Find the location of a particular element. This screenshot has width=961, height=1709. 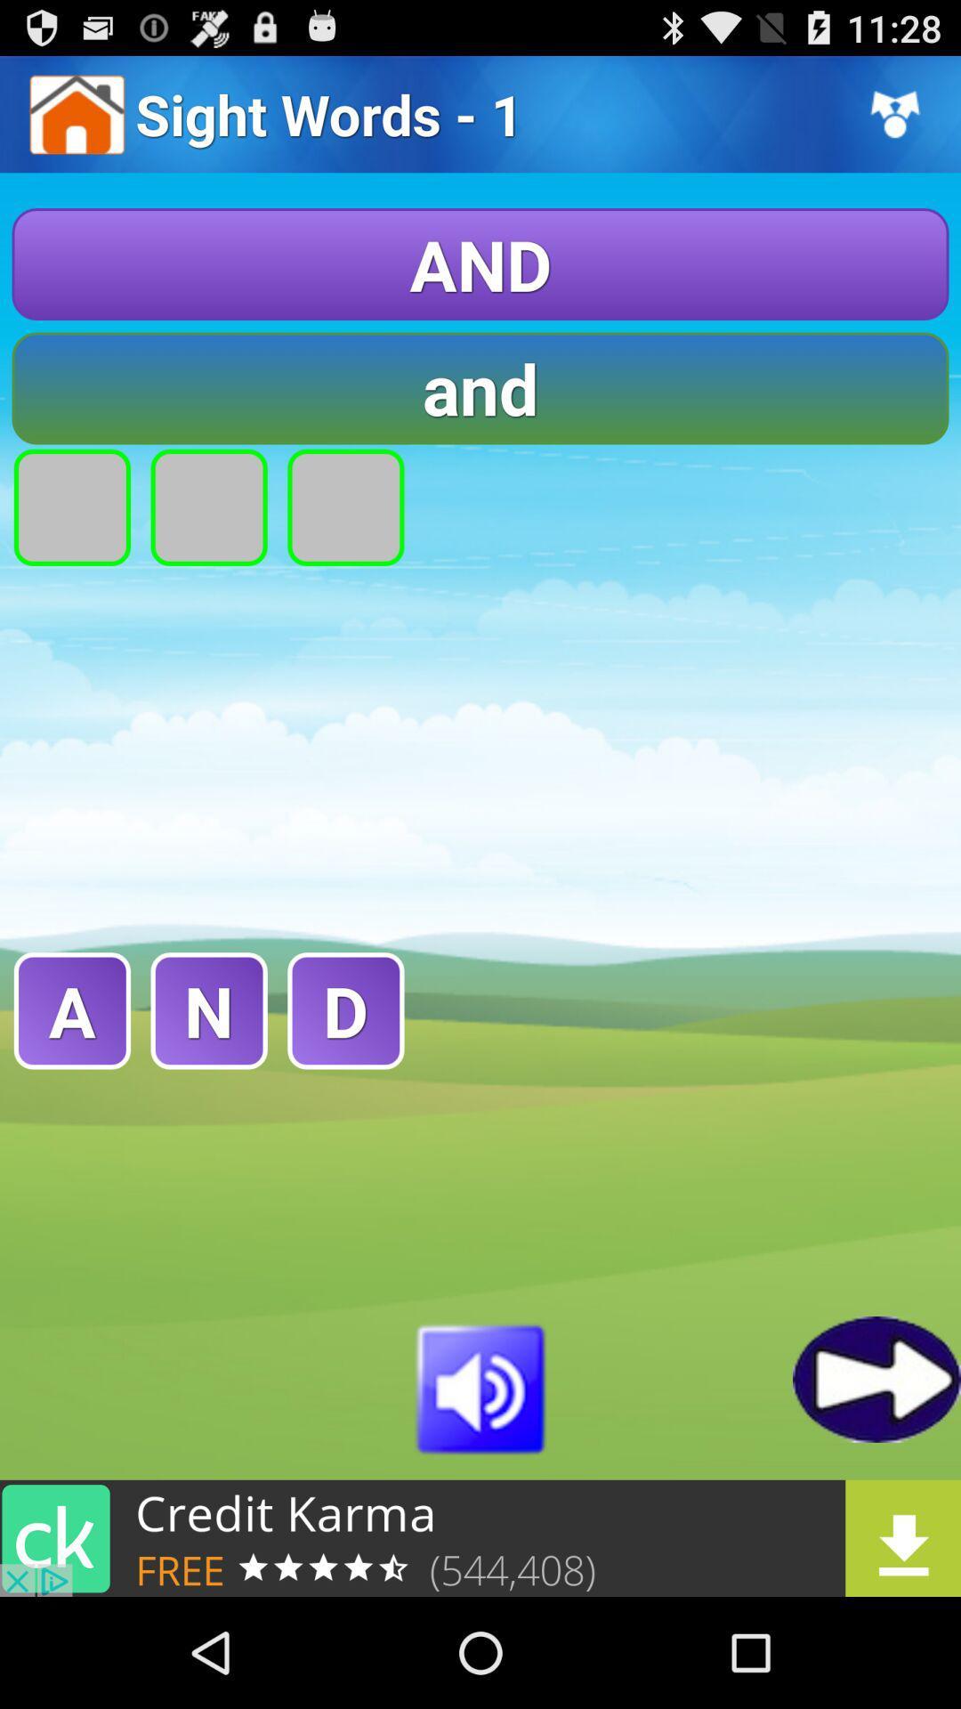

open credit karma advertisement is located at coordinates (480, 1537).